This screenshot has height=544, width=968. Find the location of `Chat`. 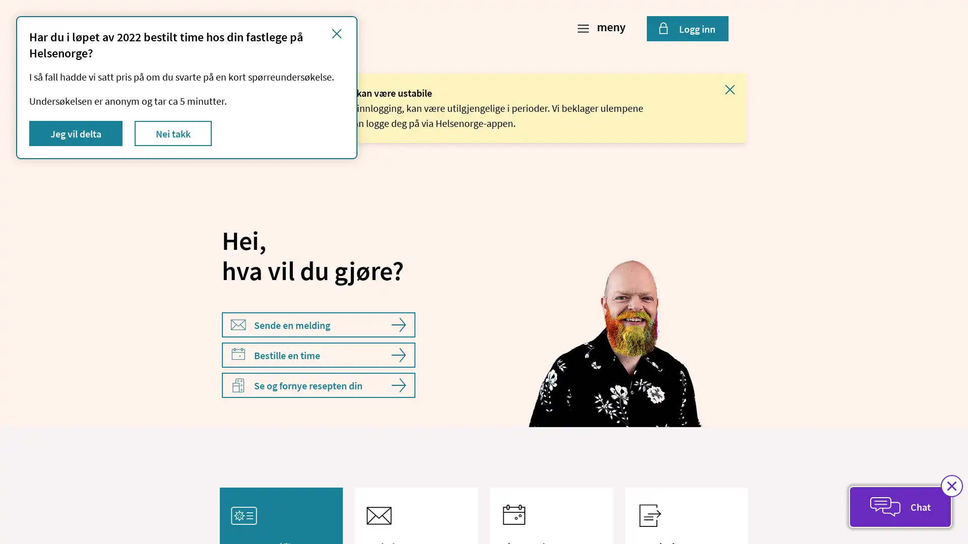

Chat is located at coordinates (900, 507).